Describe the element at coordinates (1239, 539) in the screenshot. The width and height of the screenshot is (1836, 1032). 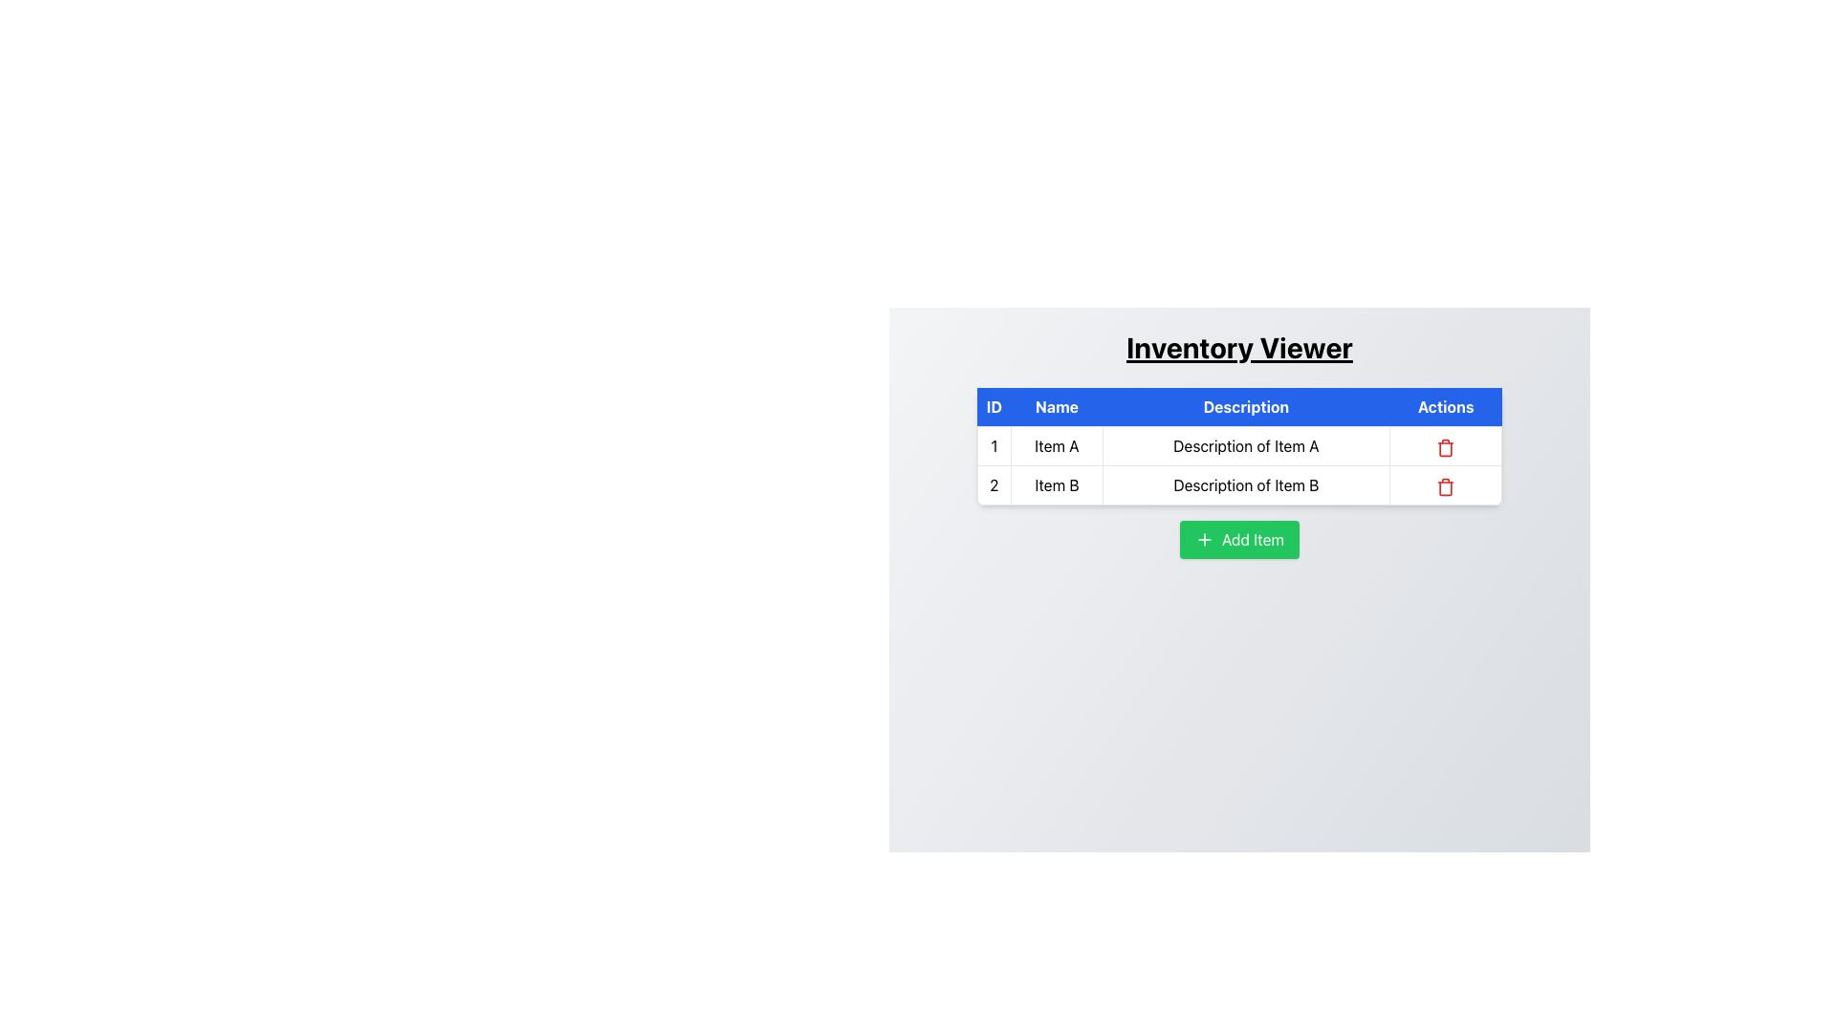
I see `the green 'Add Item' button with rounded edges located below the 'Actions' table in the 'Inventory Viewer' interface` at that location.